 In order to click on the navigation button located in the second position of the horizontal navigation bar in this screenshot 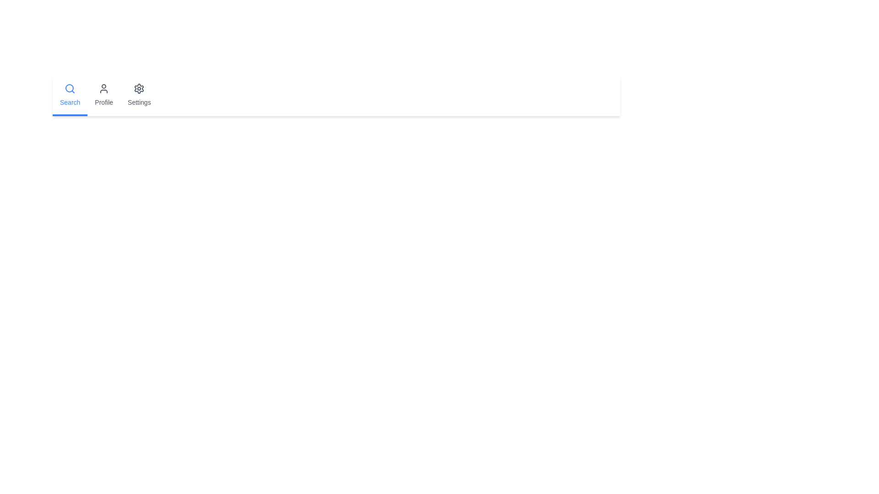, I will do `click(103, 96)`.